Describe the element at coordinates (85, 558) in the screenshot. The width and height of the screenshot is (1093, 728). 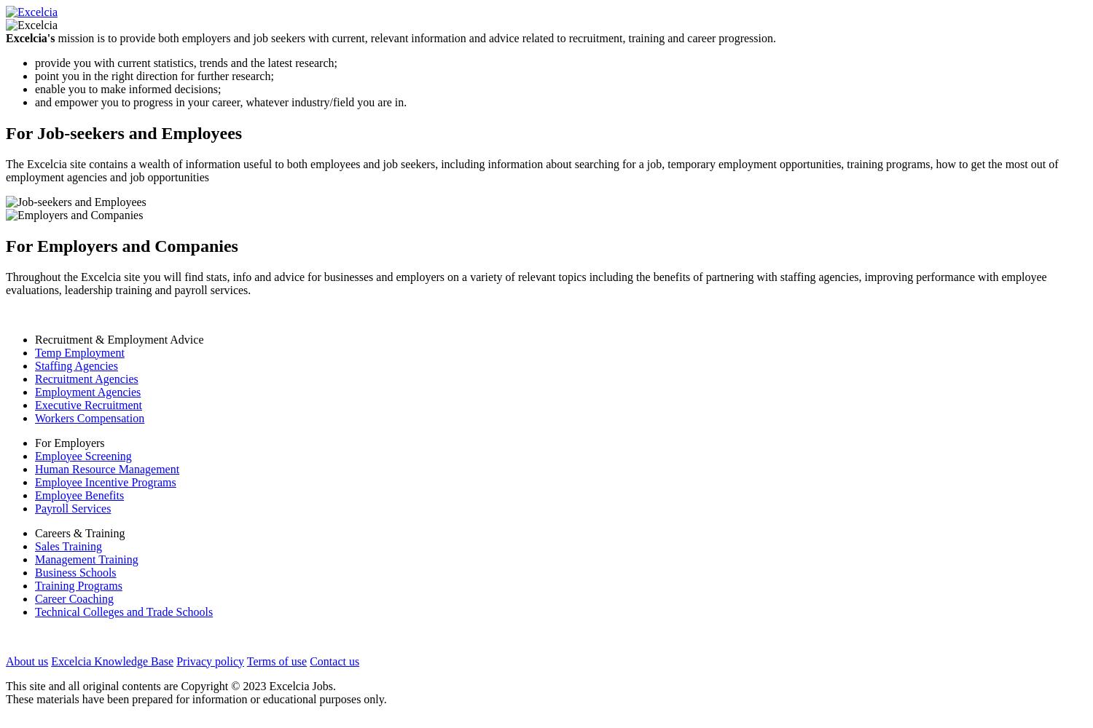
I see `'Management Training'` at that location.